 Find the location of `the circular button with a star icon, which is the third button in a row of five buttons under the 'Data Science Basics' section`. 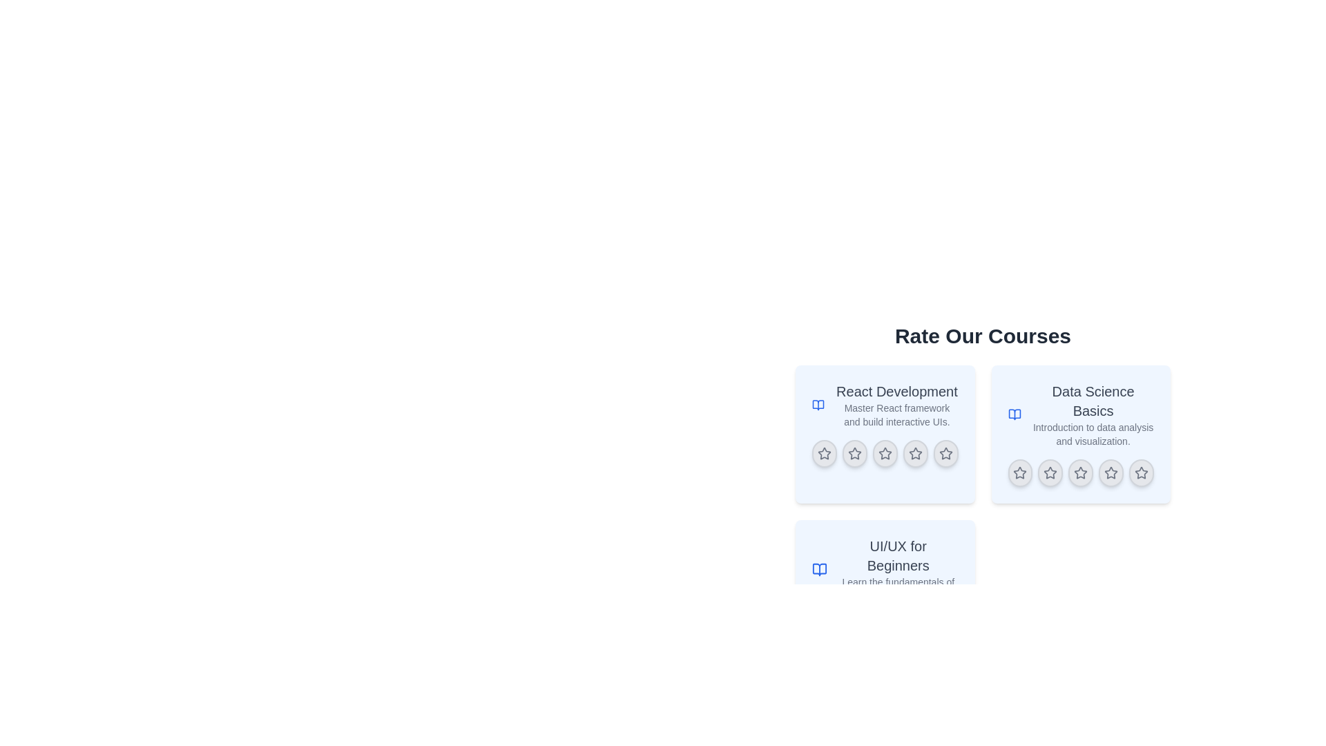

the circular button with a star icon, which is the third button in a row of five buttons under the 'Data Science Basics' section is located at coordinates (1080, 472).